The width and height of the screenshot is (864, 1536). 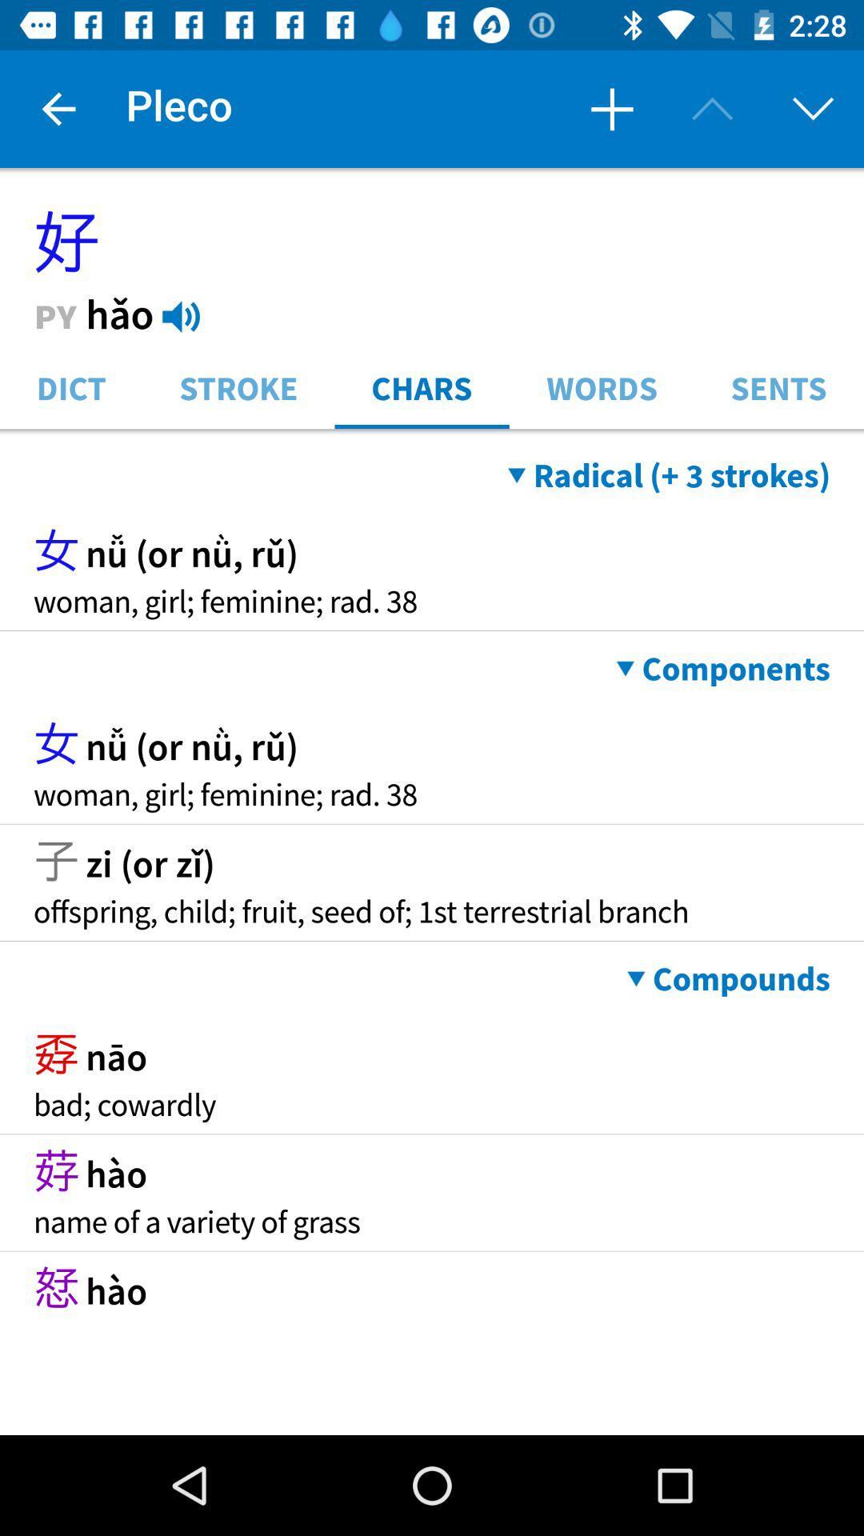 What do you see at coordinates (669, 474) in the screenshot?
I see `the  radical (+ 3 strokes) item` at bounding box center [669, 474].